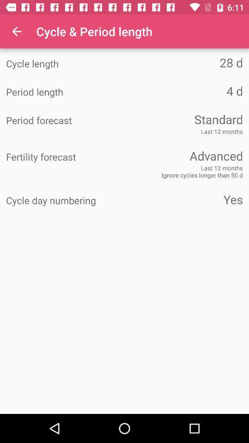 The image size is (249, 443). Describe the element at coordinates (184, 62) in the screenshot. I see `item below the cycle & period length` at that location.